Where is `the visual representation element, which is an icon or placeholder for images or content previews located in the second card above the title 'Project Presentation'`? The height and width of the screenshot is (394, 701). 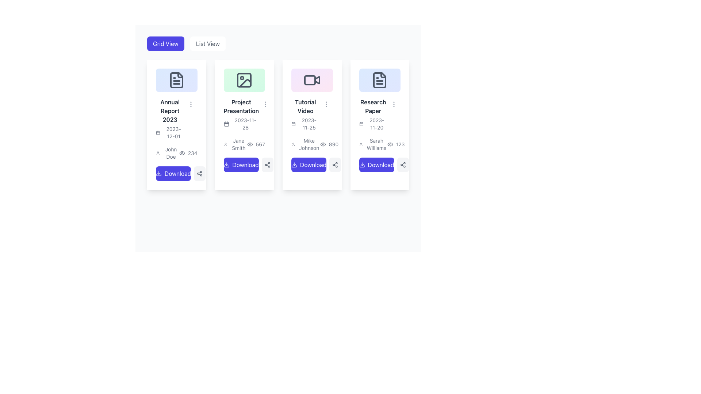 the visual representation element, which is an icon or placeholder for images or content previews located in the second card above the title 'Project Presentation' is located at coordinates (244, 80).